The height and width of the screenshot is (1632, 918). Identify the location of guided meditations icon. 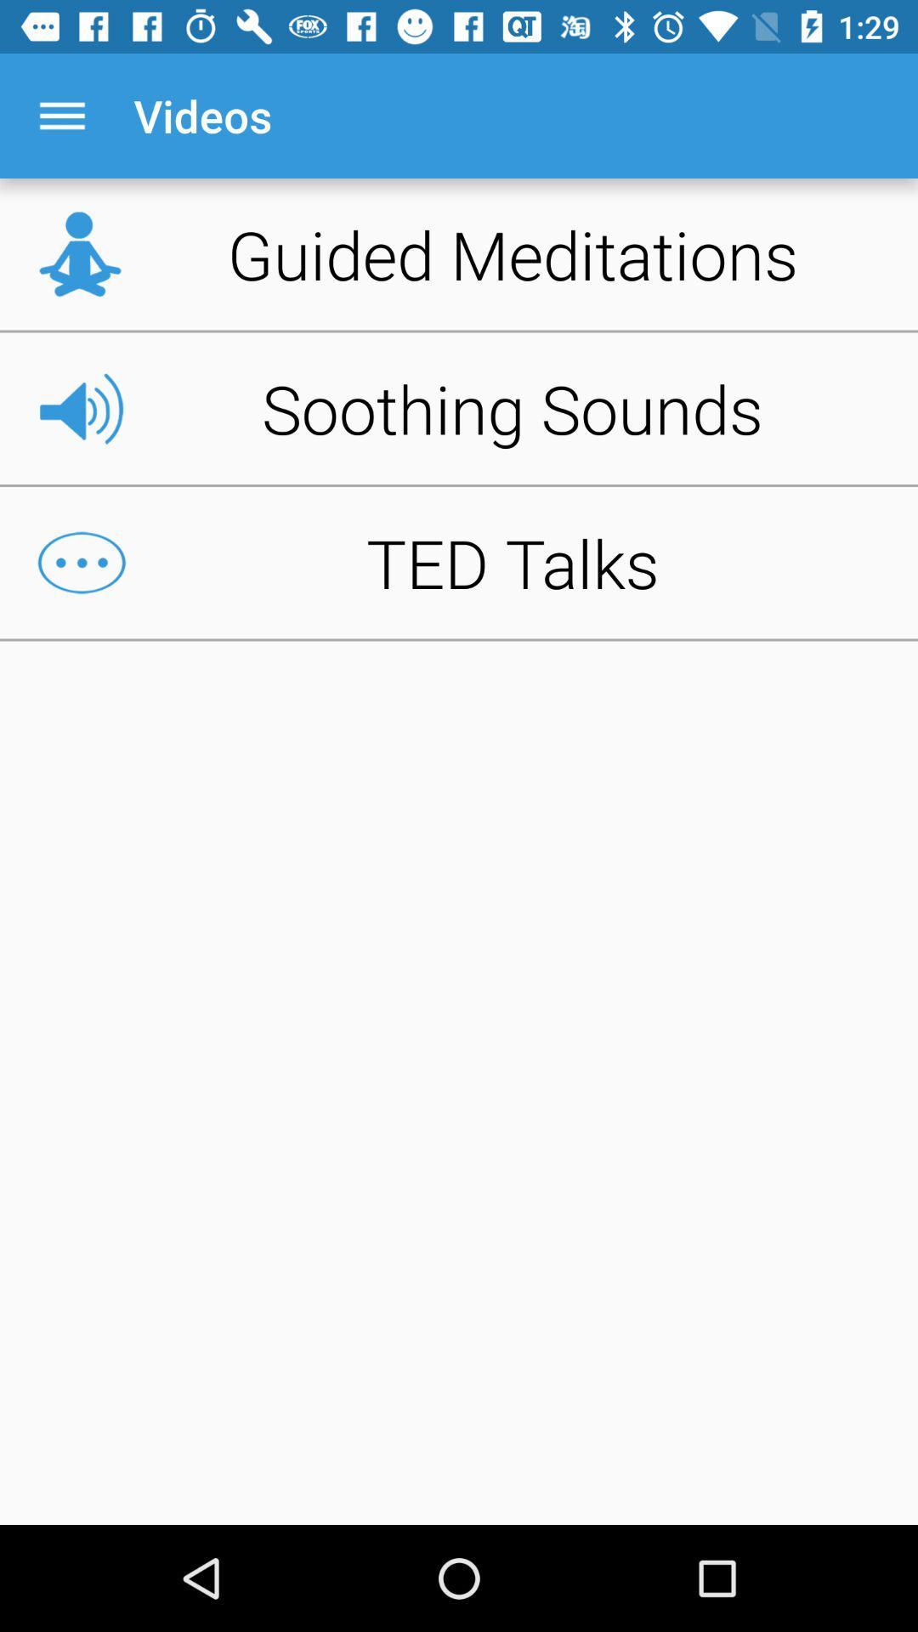
(459, 253).